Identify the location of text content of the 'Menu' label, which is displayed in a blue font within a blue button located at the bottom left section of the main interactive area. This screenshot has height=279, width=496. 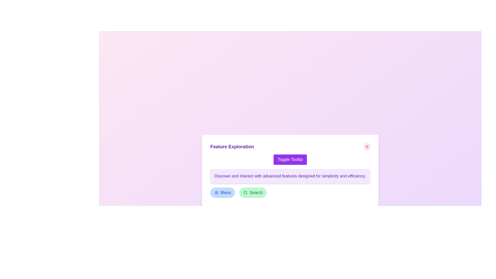
(226, 192).